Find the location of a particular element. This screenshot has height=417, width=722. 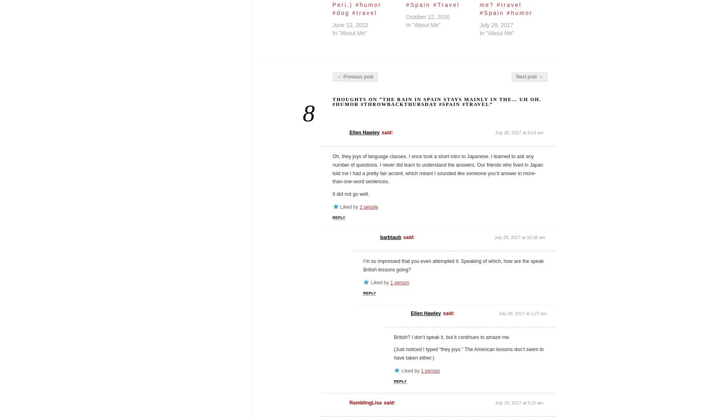

'← Previous post' is located at coordinates (354, 76).